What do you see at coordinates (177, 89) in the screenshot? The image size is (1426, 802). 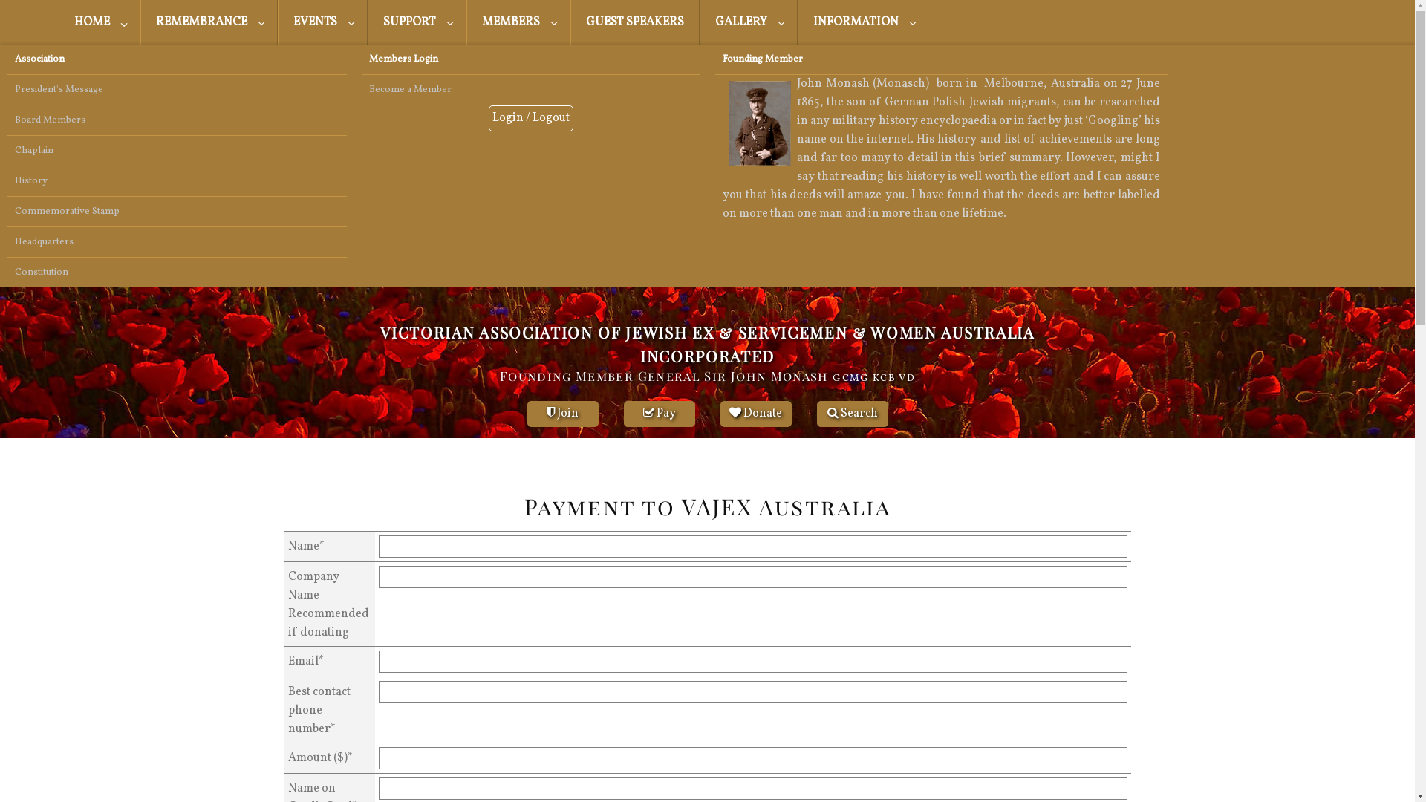 I see `'President's Message'` at bounding box center [177, 89].